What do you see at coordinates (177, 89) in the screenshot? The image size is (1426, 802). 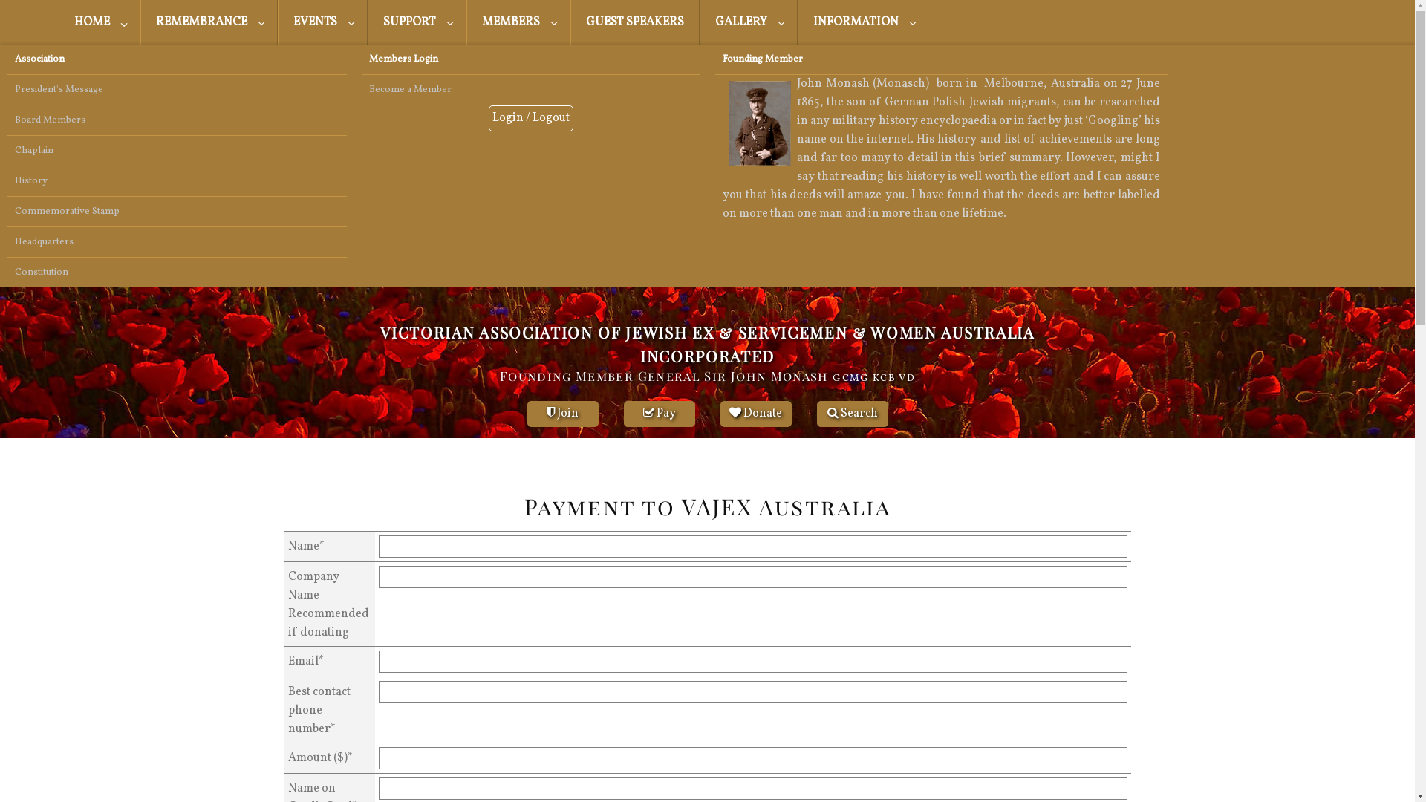 I see `'President's Message'` at bounding box center [177, 89].